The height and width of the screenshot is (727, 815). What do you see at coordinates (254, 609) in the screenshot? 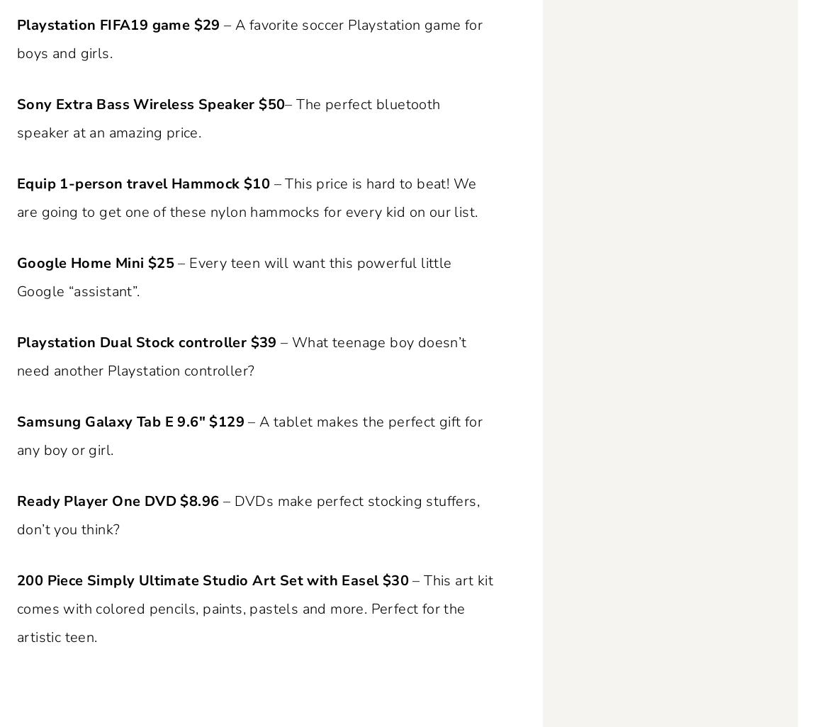
I see `'– This art kit comes with colored pencils, paints, pastels and more. Perfect for the artistic teen.'` at bounding box center [254, 609].